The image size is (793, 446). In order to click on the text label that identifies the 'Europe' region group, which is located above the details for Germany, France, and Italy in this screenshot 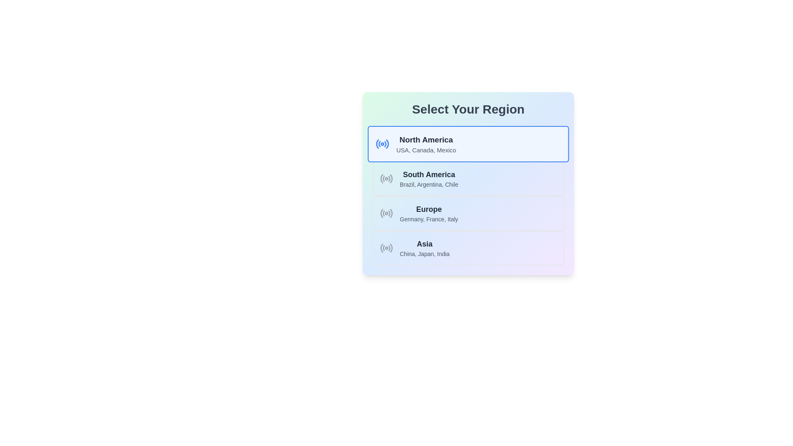, I will do `click(429, 209)`.